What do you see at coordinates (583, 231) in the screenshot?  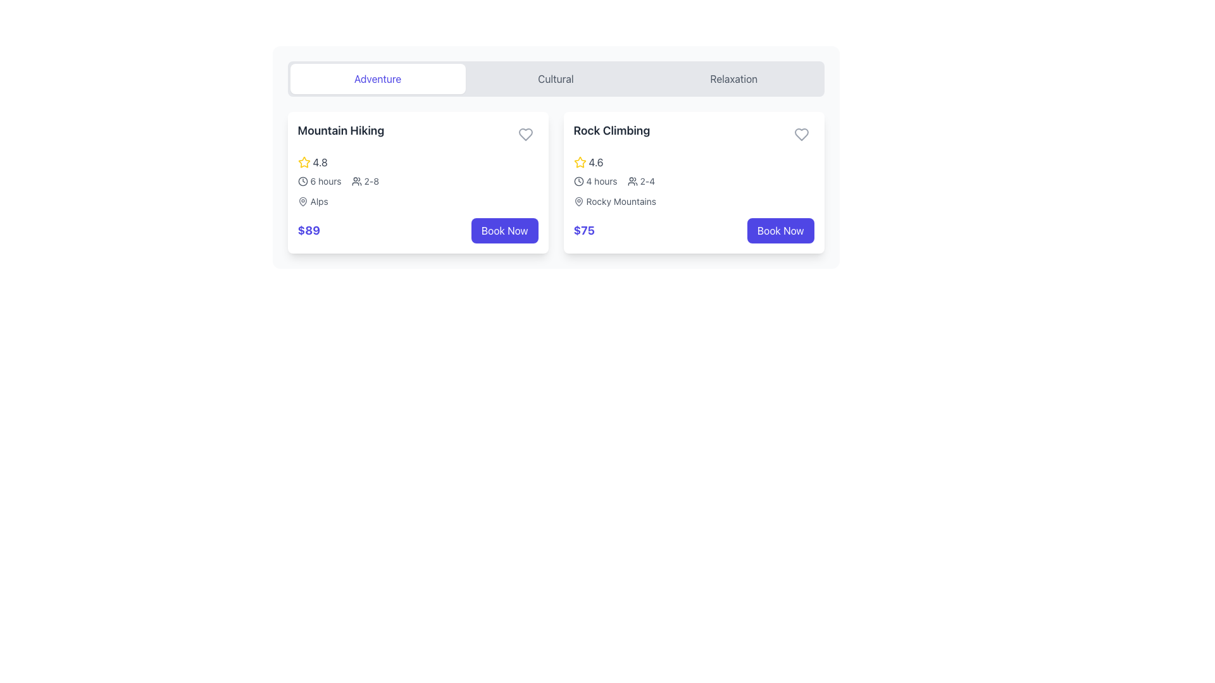 I see `the Static Text Label displaying the cost of the 'Rock Climbing' activity, located above the 'Book Now' button` at bounding box center [583, 231].